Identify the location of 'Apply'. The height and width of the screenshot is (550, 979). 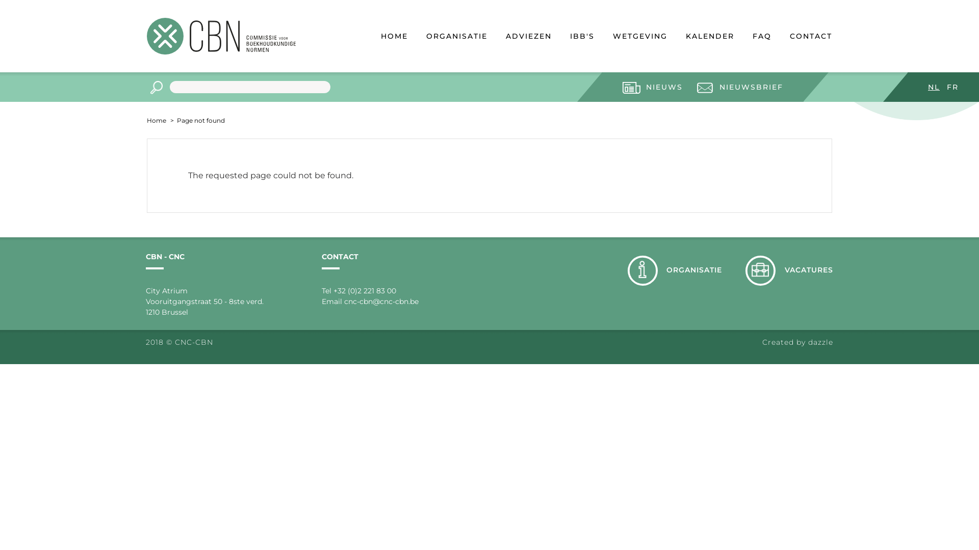
(146, 87).